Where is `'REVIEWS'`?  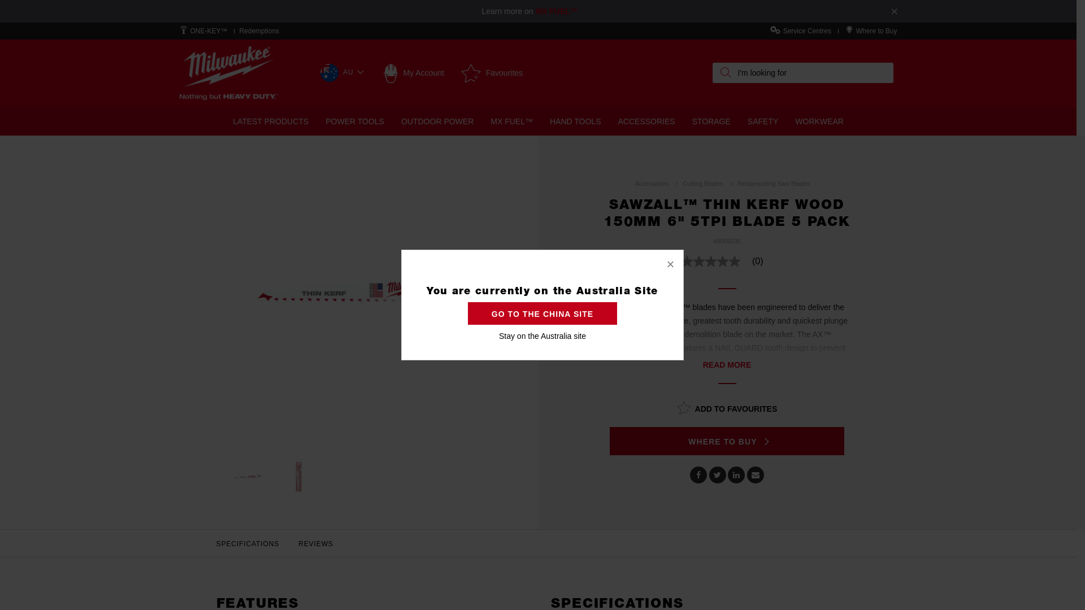
'REVIEWS' is located at coordinates (315, 543).